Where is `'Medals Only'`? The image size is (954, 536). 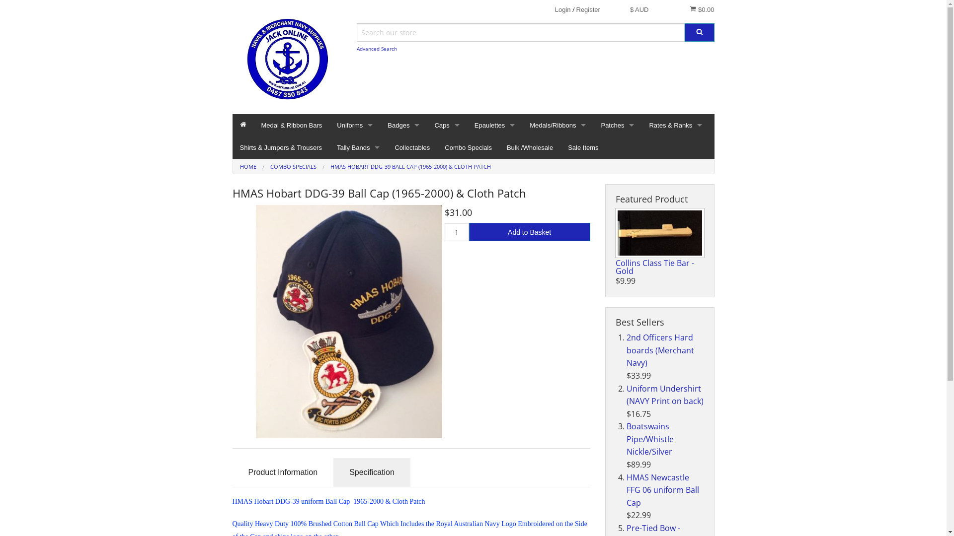 'Medals Only' is located at coordinates (522, 159).